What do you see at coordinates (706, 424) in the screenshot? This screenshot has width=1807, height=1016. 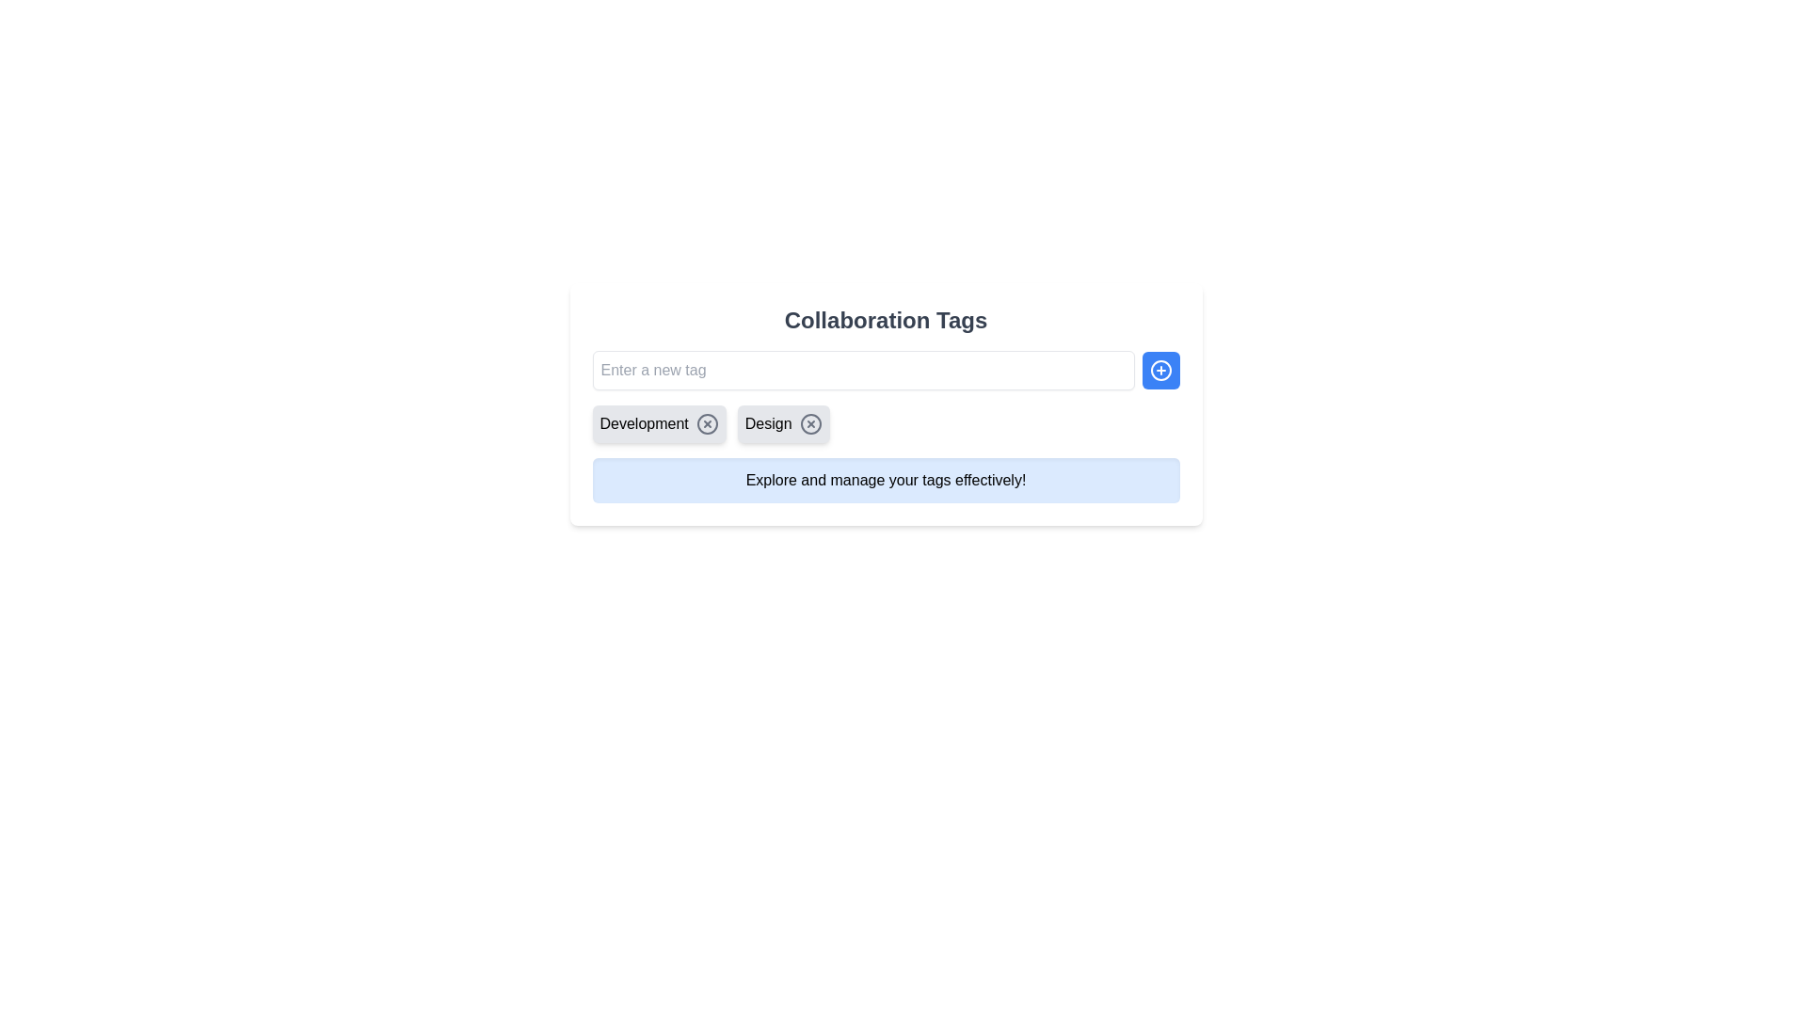 I see `the Icon Button with a gray border and 'X' shape inside, which is located within the 'Development' tag, to change its color` at bounding box center [706, 424].